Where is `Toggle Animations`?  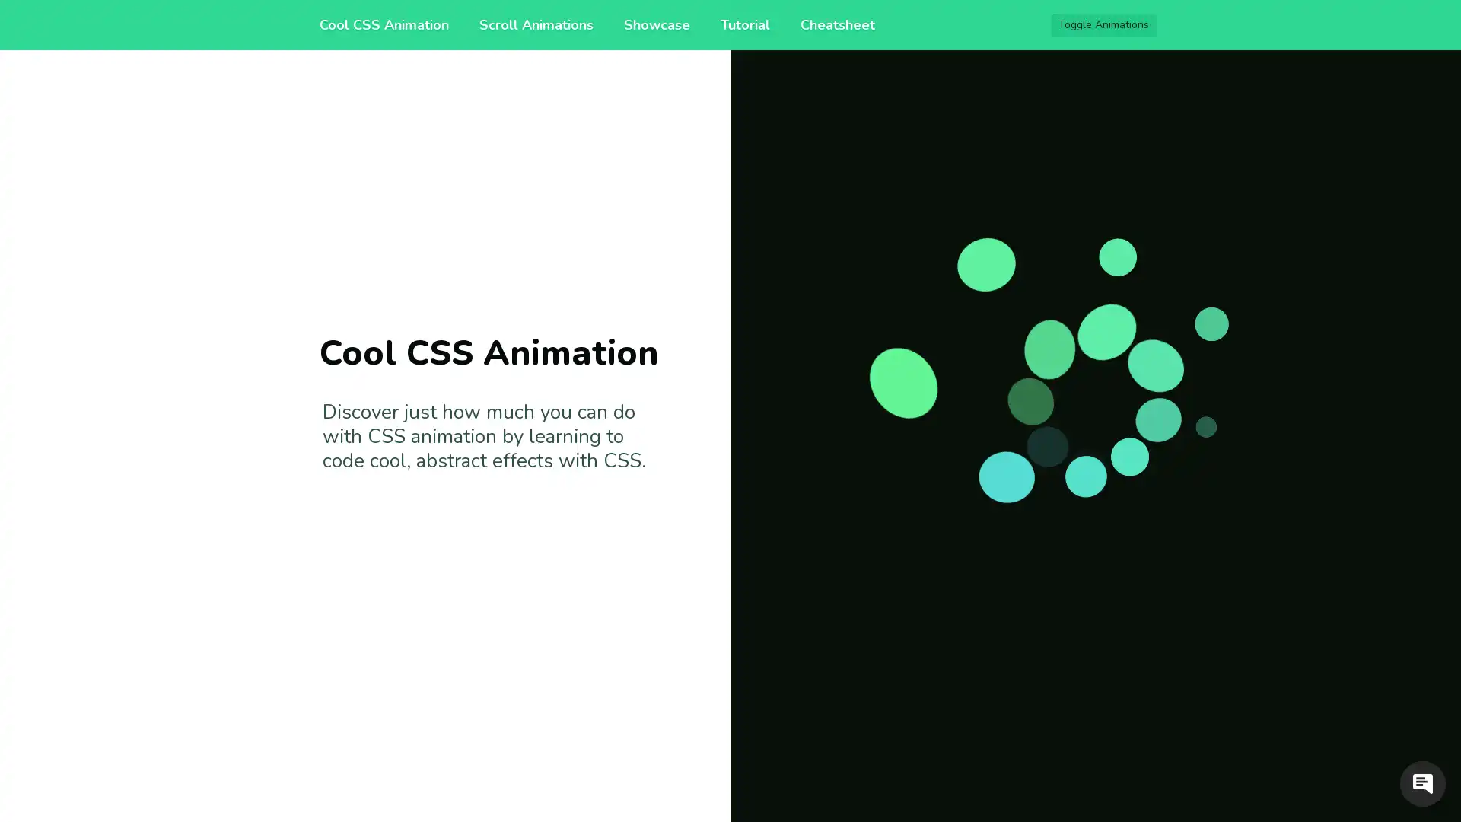 Toggle Animations is located at coordinates (1103, 25).